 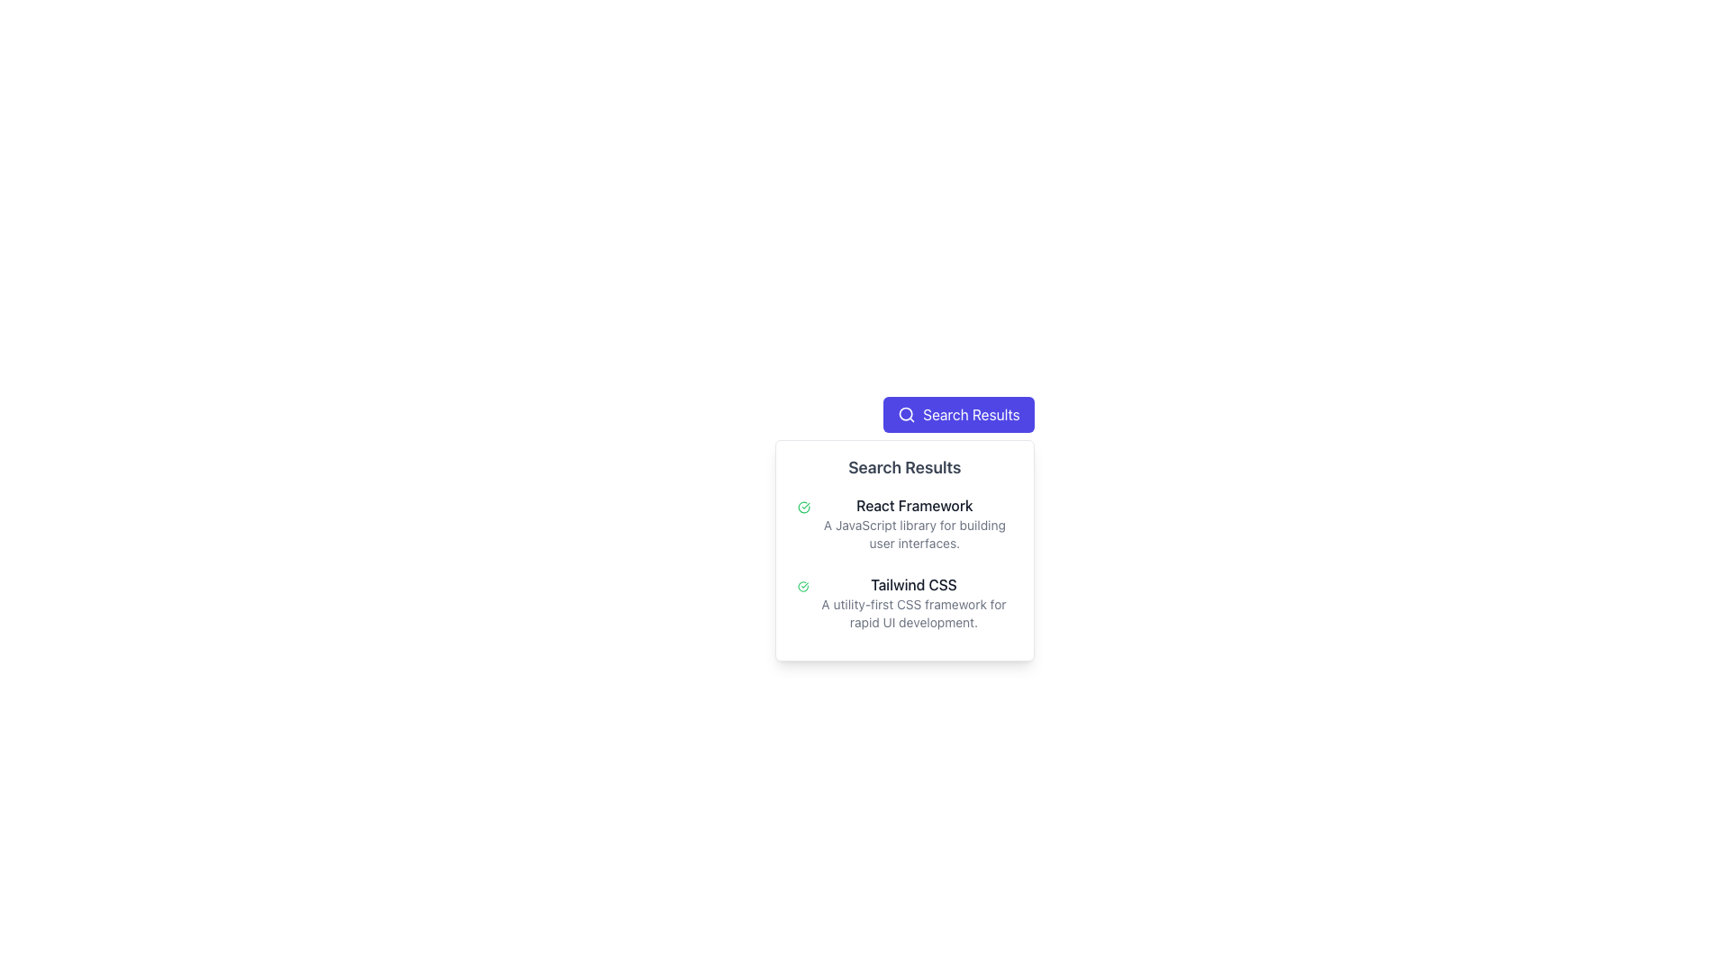 I want to click on the small circular green icon with a checkmark located to the left of the 'Tailwind CSS' text in the second search result card, so click(x=802, y=586).